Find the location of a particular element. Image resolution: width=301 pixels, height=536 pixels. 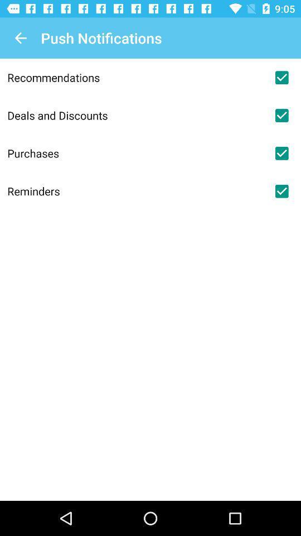

icon next to the push notifications icon is located at coordinates (20, 38).